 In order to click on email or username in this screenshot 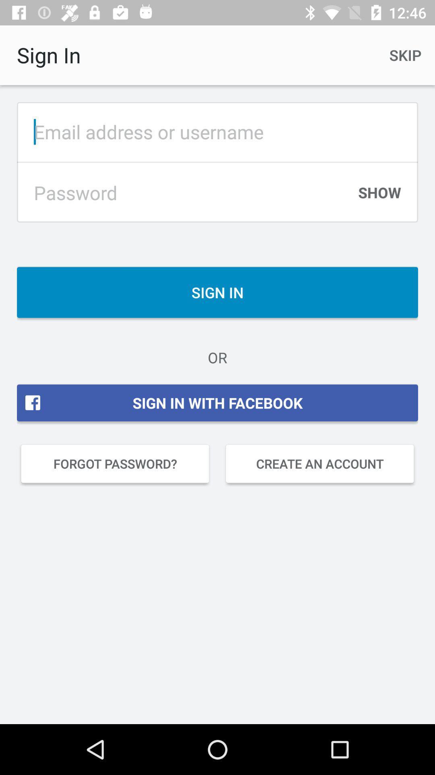, I will do `click(217, 132)`.